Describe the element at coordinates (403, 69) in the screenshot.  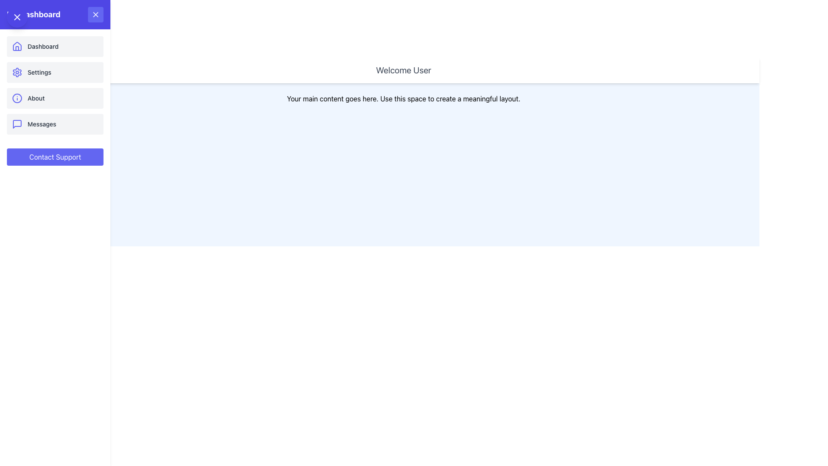
I see `the welcoming message static text located at the top center of the main content area, directly below the navigation bar` at that location.